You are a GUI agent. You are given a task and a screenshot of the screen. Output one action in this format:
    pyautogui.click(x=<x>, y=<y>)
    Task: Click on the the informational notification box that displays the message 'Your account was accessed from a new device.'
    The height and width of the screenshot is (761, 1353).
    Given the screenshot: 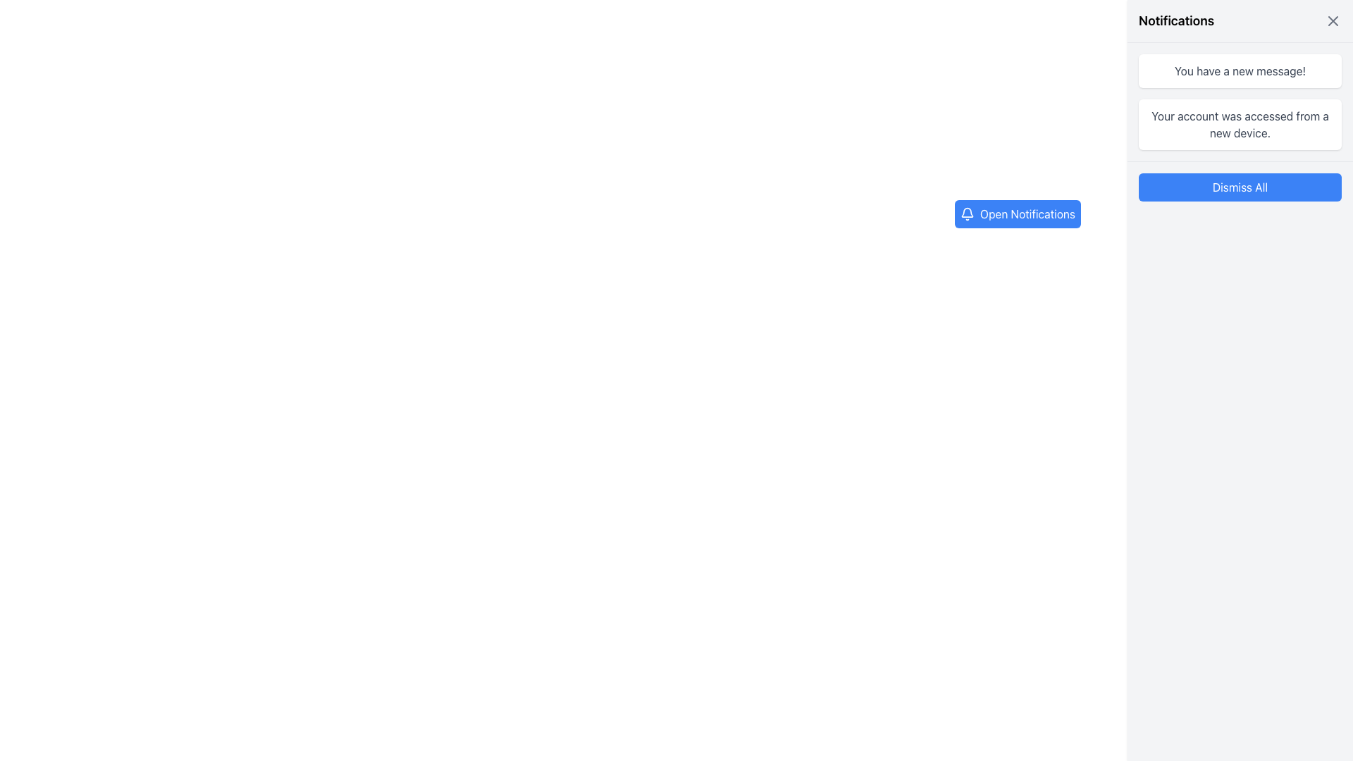 What is the action you would take?
    pyautogui.click(x=1240, y=124)
    